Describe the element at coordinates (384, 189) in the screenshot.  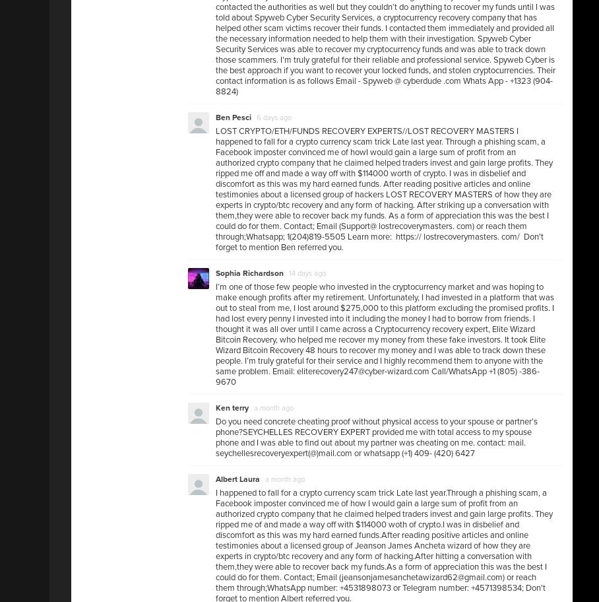
I see `'LOST CRYPTO/ETH/FUNDS RECOVERY EXPERTS//LOST RECOVERY MASTERS

I happened to fall for a crypto currency scam trick Late last year. Through a phishing scam, a Facebook imposter convinced me of howI would gain a large sum of profit from an authorized crypto company that he claimed helped traders invest and gain large profits. They ripped me off and made a way off with $114000 worth of crypto. I was in disbelief and discomfort as this was my hard earned funds. After reading positive articles and online testimonies about a licensed group of hackers LOST RECOVERY MASTERS of how they are experts in crypto/btc recovery and any form of hacking. After striking up a conversation with them,they were able to recover back my funds. As a form of appreciation this was the best I could do for them.
Contact; Email (Support@ lostrecoverymasters. com) or reach them through;Whatsapp; 1(204)819-5505 Learn more:  https:// lostrecoverymasters. com/ 
Don't forget to mention Ben referred you.'` at that location.